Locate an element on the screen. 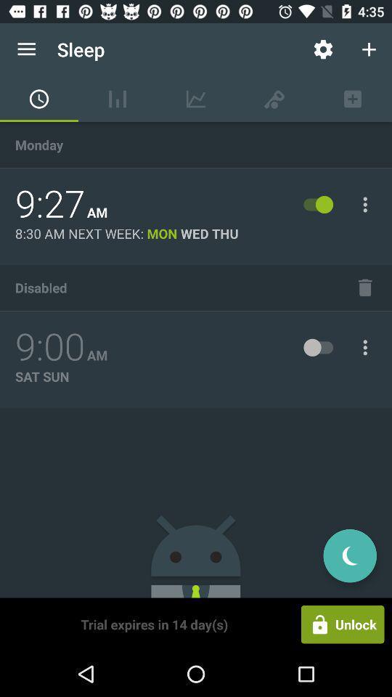 This screenshot has width=392, height=697. the arrow_backward icon is located at coordinates (349, 555).